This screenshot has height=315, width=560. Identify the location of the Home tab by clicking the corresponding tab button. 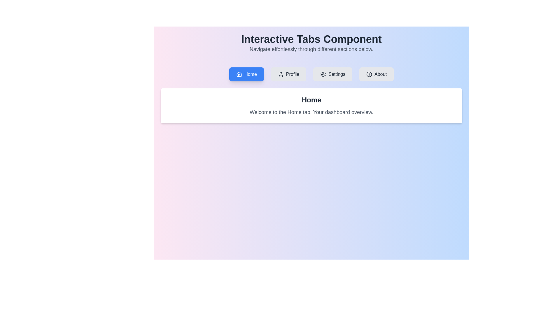
(246, 74).